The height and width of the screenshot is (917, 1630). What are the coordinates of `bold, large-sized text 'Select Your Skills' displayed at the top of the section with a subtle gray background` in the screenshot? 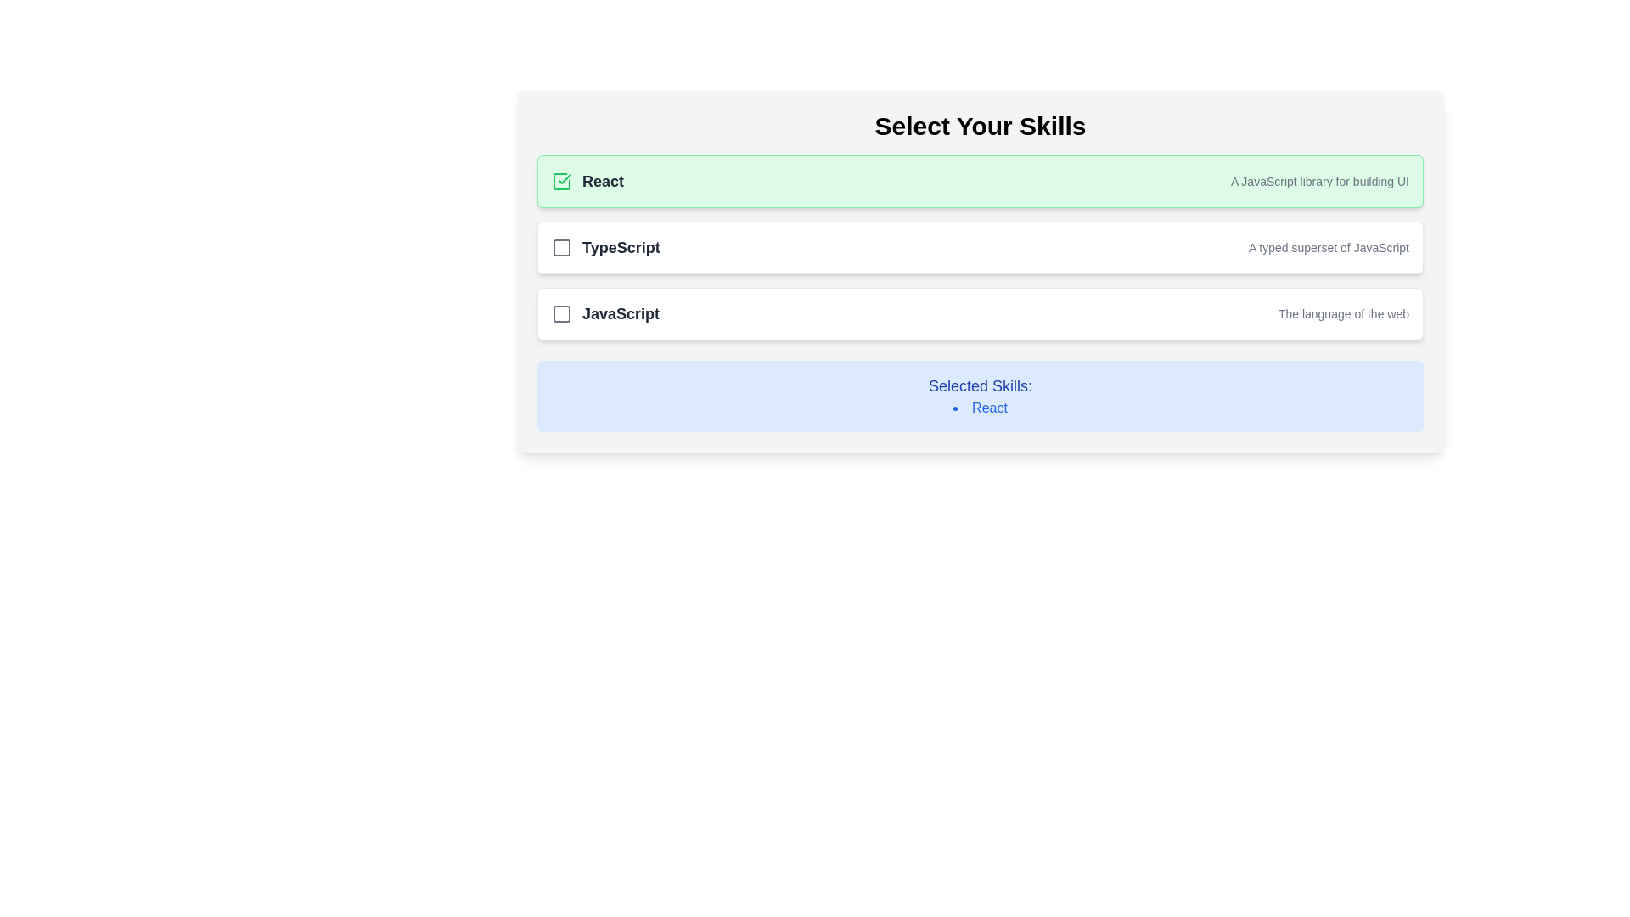 It's located at (981, 126).